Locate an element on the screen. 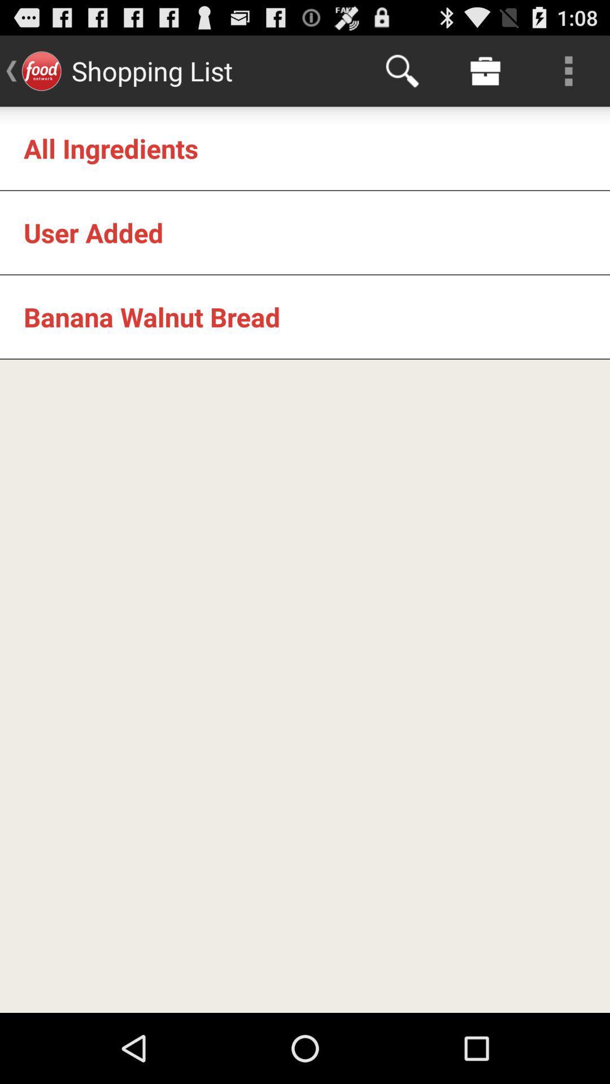 Image resolution: width=610 pixels, height=1084 pixels. the icon above banana walnut bread icon is located at coordinates (93, 232).